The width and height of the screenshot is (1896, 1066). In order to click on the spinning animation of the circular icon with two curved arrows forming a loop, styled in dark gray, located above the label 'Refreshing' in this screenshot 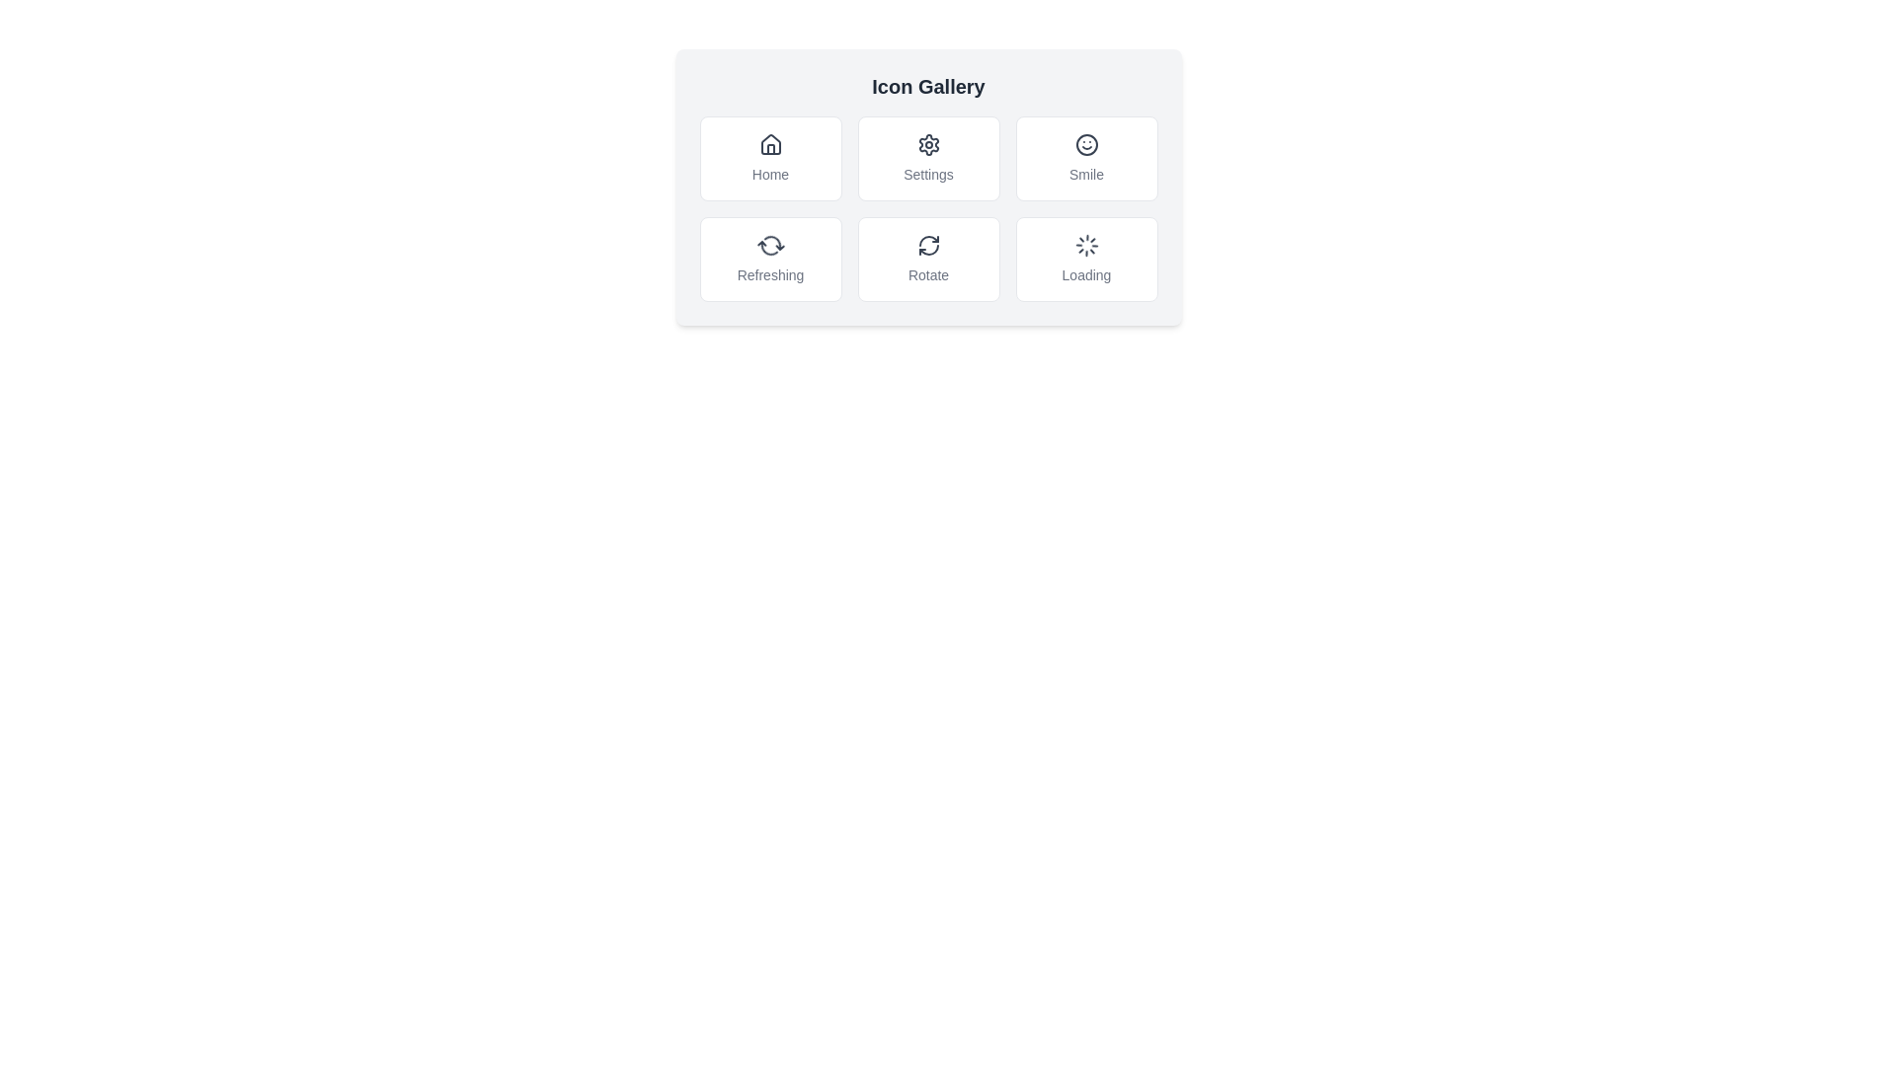, I will do `click(769, 245)`.